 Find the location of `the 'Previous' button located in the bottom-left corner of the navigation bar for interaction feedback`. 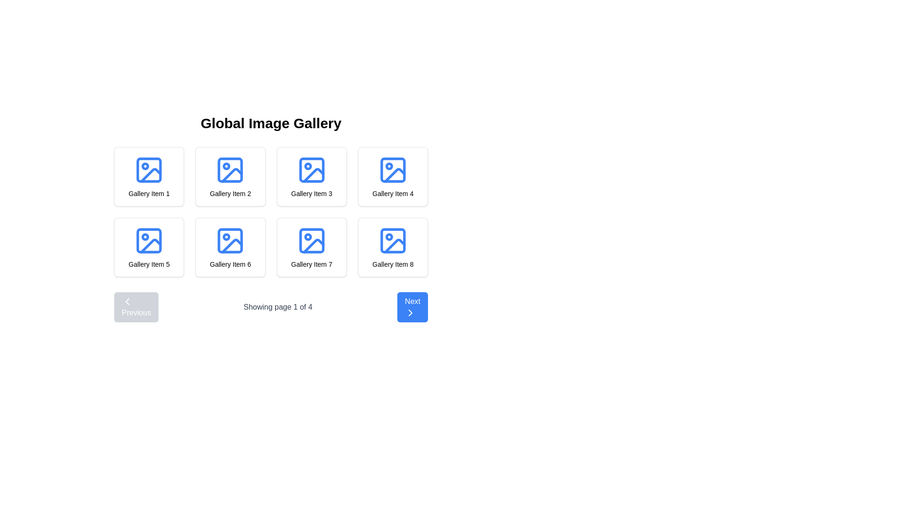

the 'Previous' button located in the bottom-left corner of the navigation bar for interaction feedback is located at coordinates (136, 307).